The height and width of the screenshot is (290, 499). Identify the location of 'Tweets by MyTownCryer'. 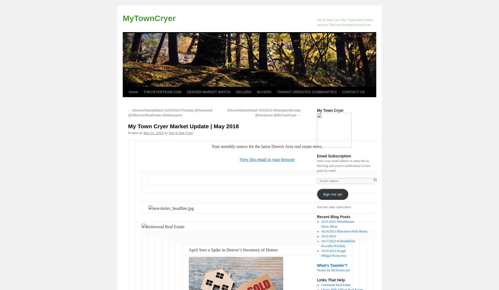
(333, 270).